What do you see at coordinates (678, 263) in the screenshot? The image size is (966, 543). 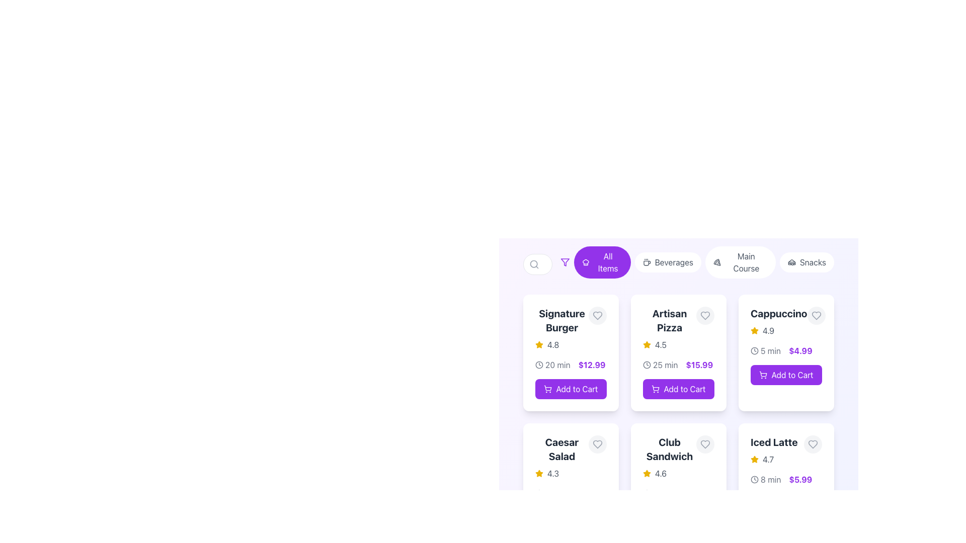 I see `the 'Beverages' category selector button, the third button in a horizontal row at the top center of the interface` at bounding box center [678, 263].